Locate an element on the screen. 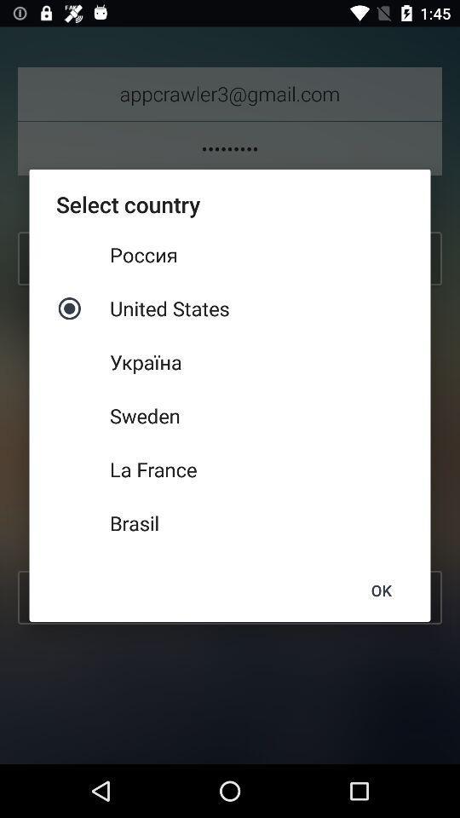 This screenshot has height=818, width=460. the checkbox below the brasil icon is located at coordinates (381, 590).